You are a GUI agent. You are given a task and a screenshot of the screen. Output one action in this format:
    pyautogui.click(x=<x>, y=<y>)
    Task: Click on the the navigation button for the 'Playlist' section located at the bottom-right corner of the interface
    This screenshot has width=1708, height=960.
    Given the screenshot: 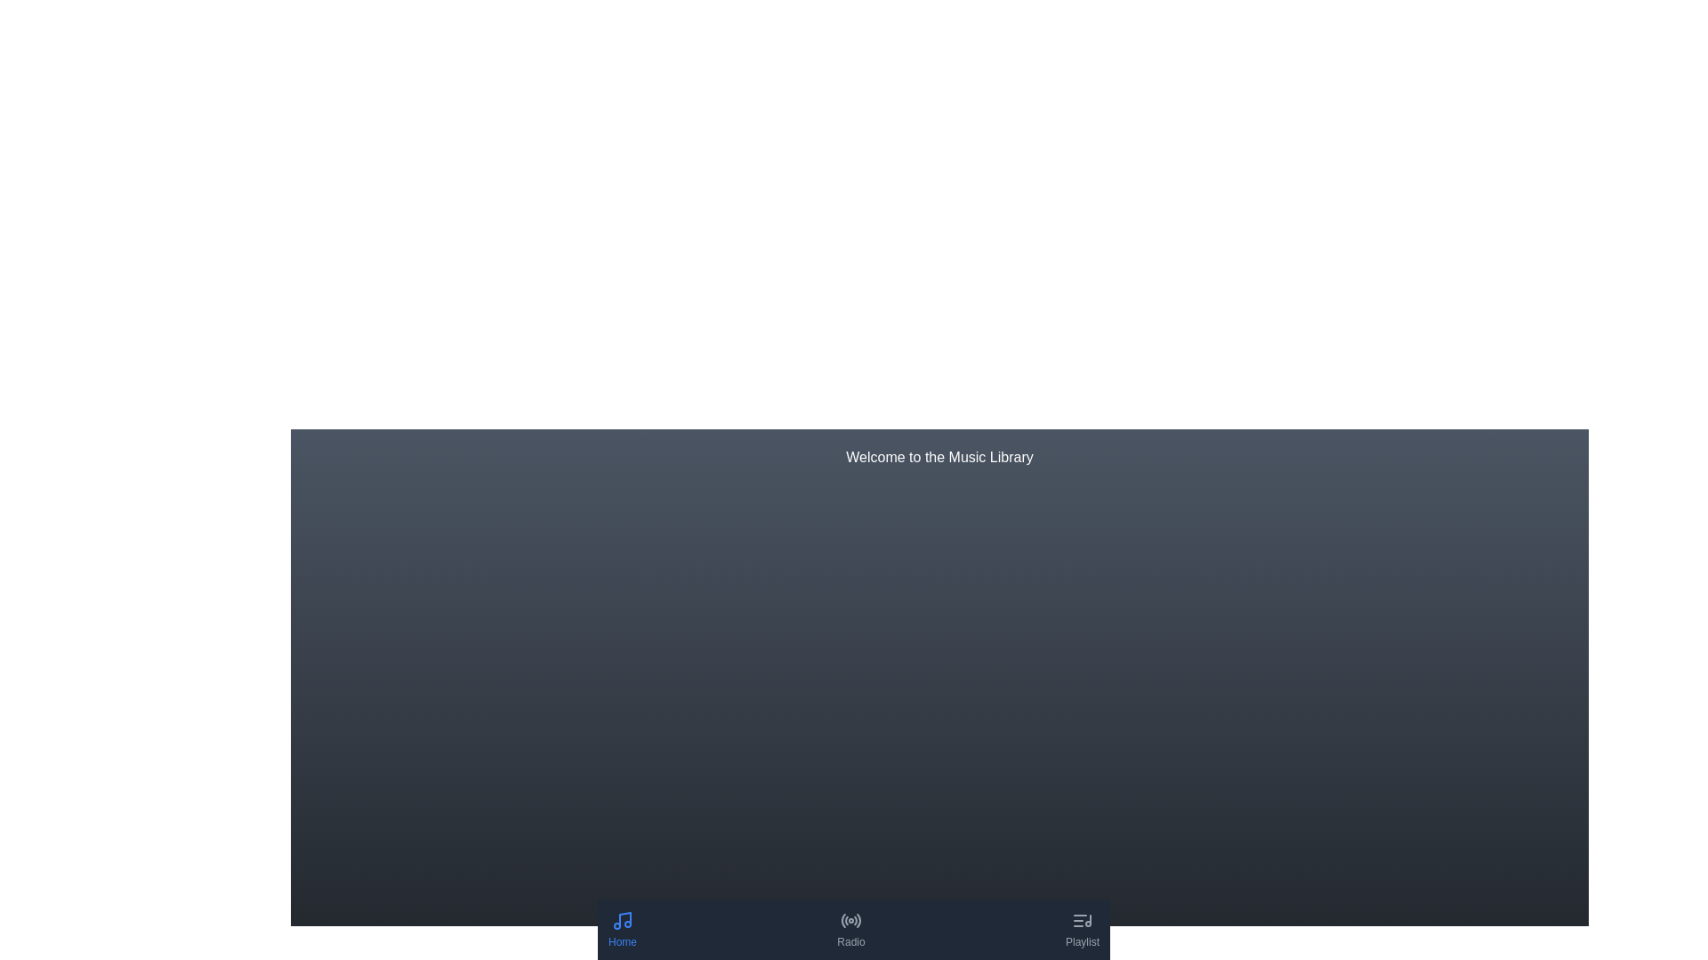 What is the action you would take?
    pyautogui.click(x=1081, y=928)
    